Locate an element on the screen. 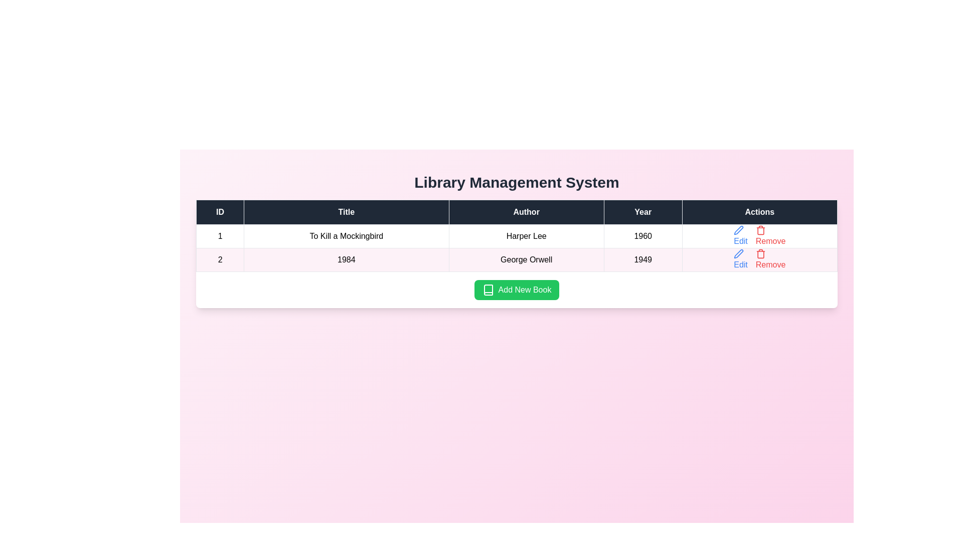 The width and height of the screenshot is (963, 542). the blue icon button resembling a pen in the 'Actions' column, specifically aligned with the second row for the book '1984' by 'George Orwell' is located at coordinates (739, 230).